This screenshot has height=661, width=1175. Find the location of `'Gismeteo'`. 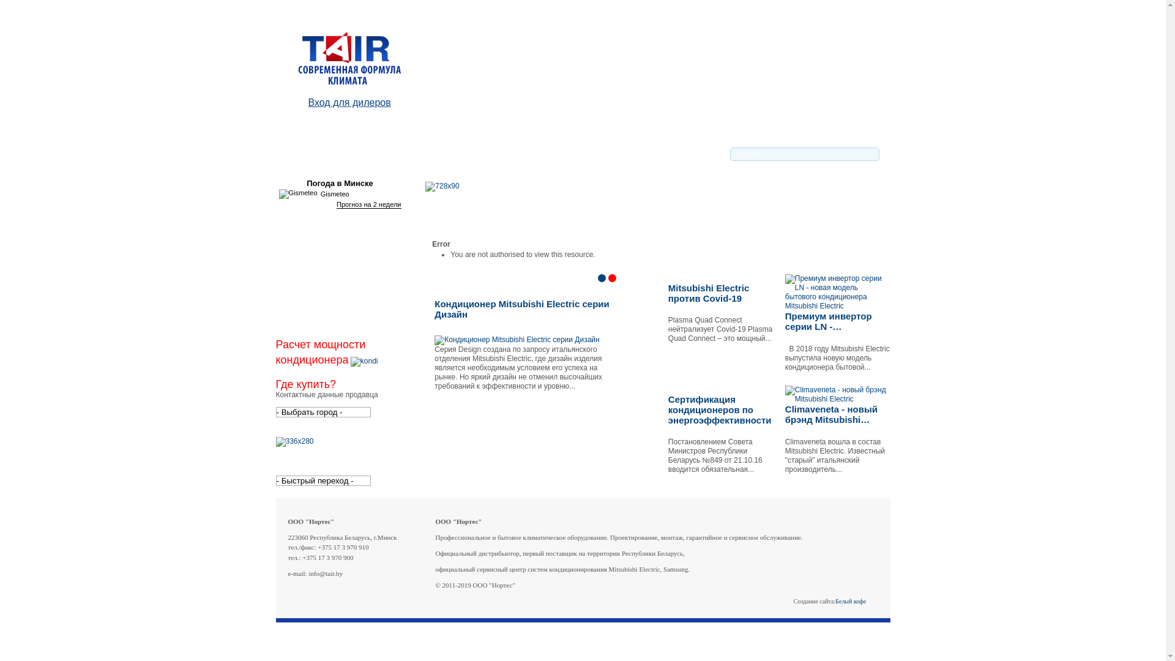

'Gismeteo' is located at coordinates (278, 193).